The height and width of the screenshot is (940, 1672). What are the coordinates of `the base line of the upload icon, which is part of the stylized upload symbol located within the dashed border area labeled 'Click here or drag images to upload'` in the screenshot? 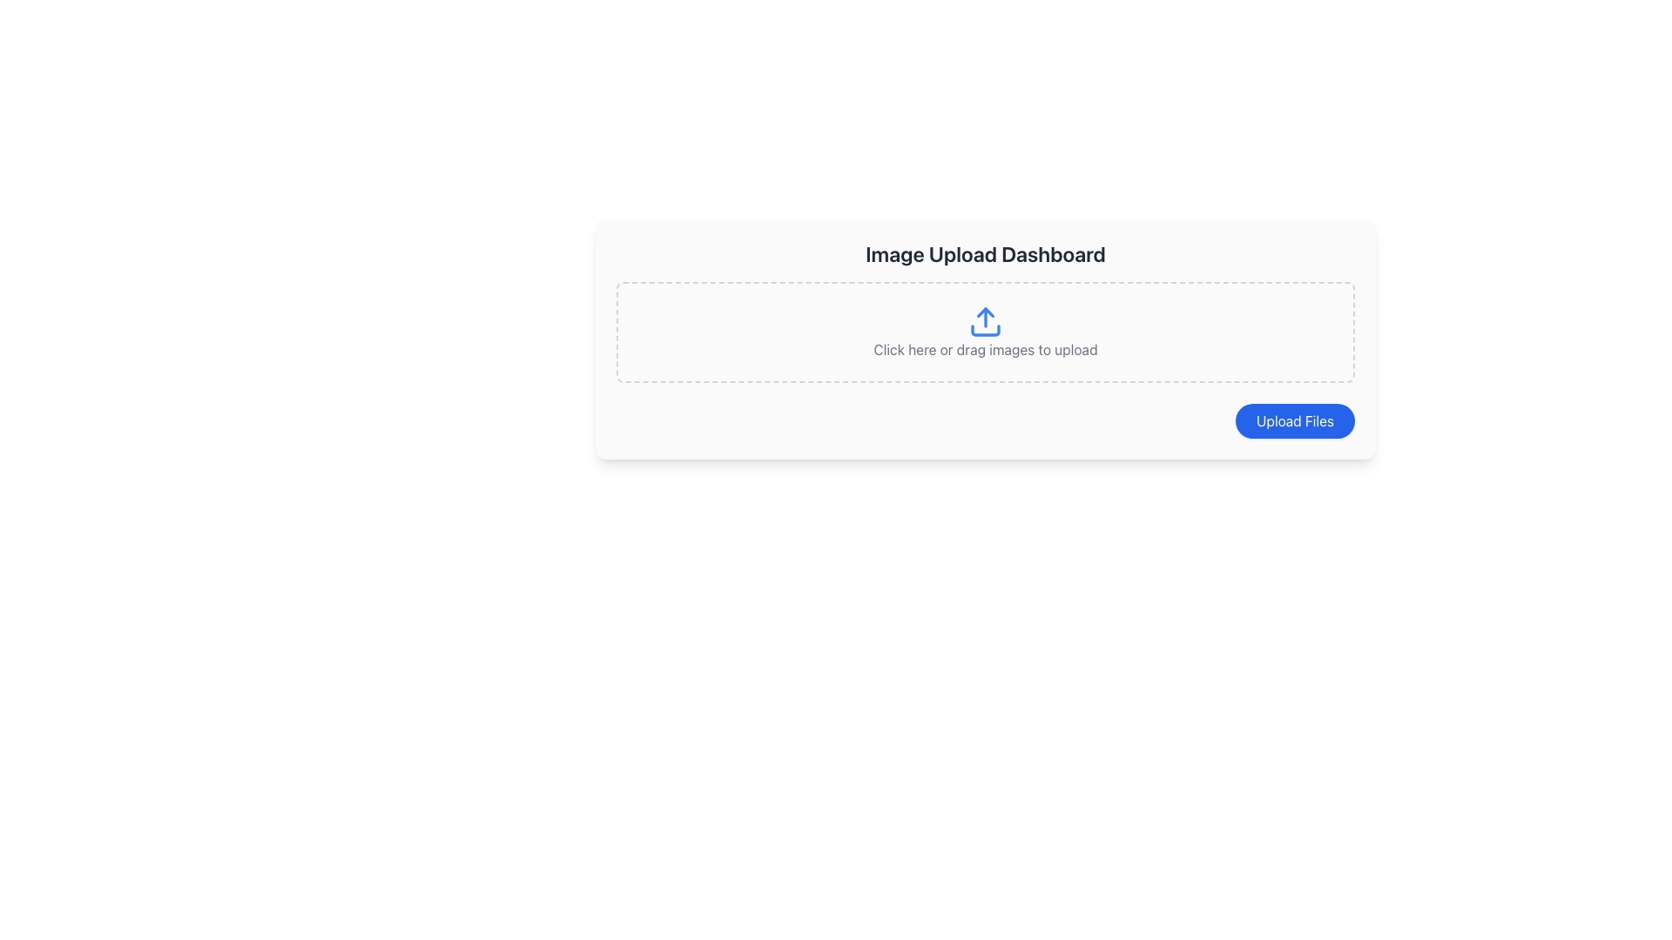 It's located at (986, 331).